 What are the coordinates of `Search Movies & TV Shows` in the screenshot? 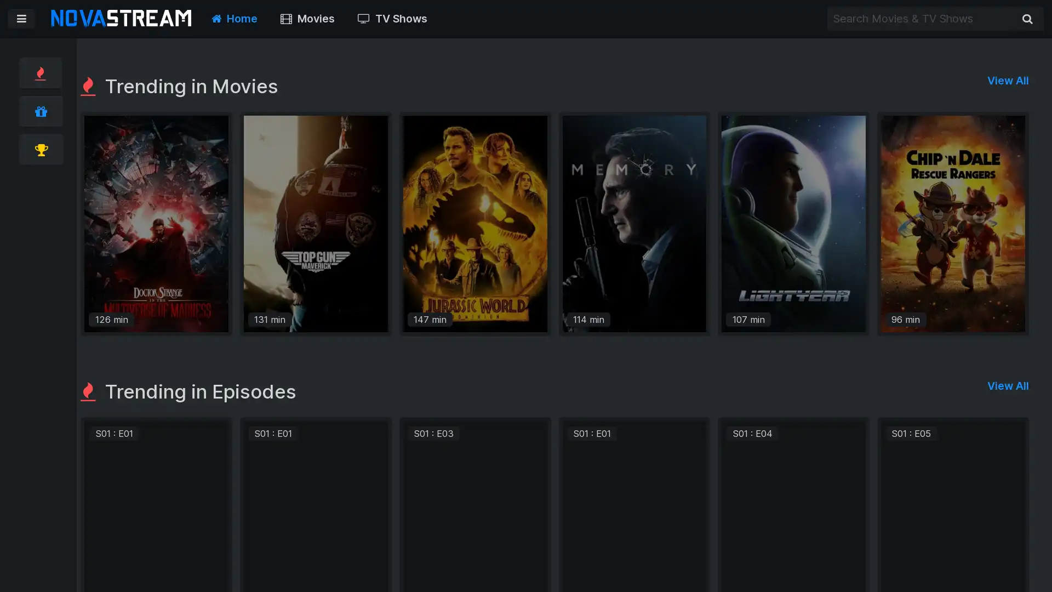 It's located at (1027, 19).